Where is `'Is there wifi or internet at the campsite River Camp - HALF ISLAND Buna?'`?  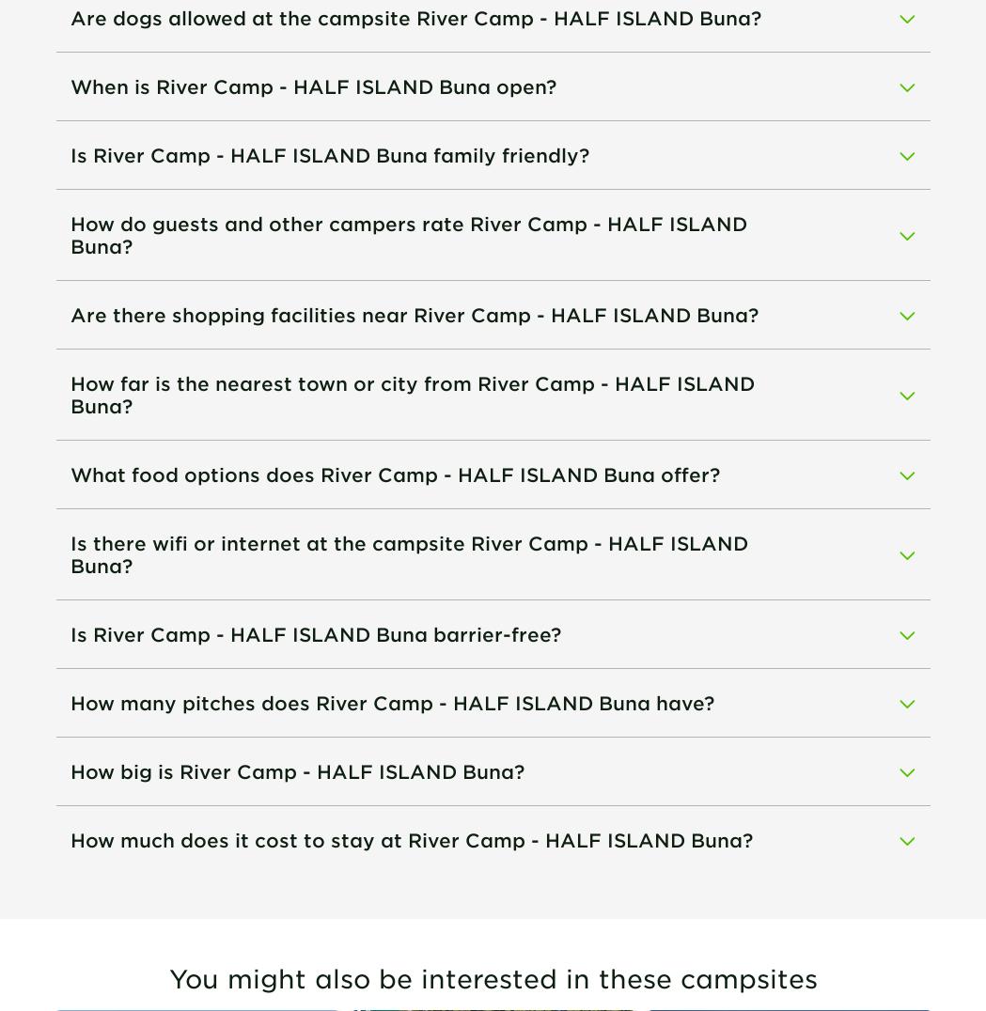
'Is there wifi or internet at the campsite River Camp - HALF ISLAND Buna?' is located at coordinates (69, 553).